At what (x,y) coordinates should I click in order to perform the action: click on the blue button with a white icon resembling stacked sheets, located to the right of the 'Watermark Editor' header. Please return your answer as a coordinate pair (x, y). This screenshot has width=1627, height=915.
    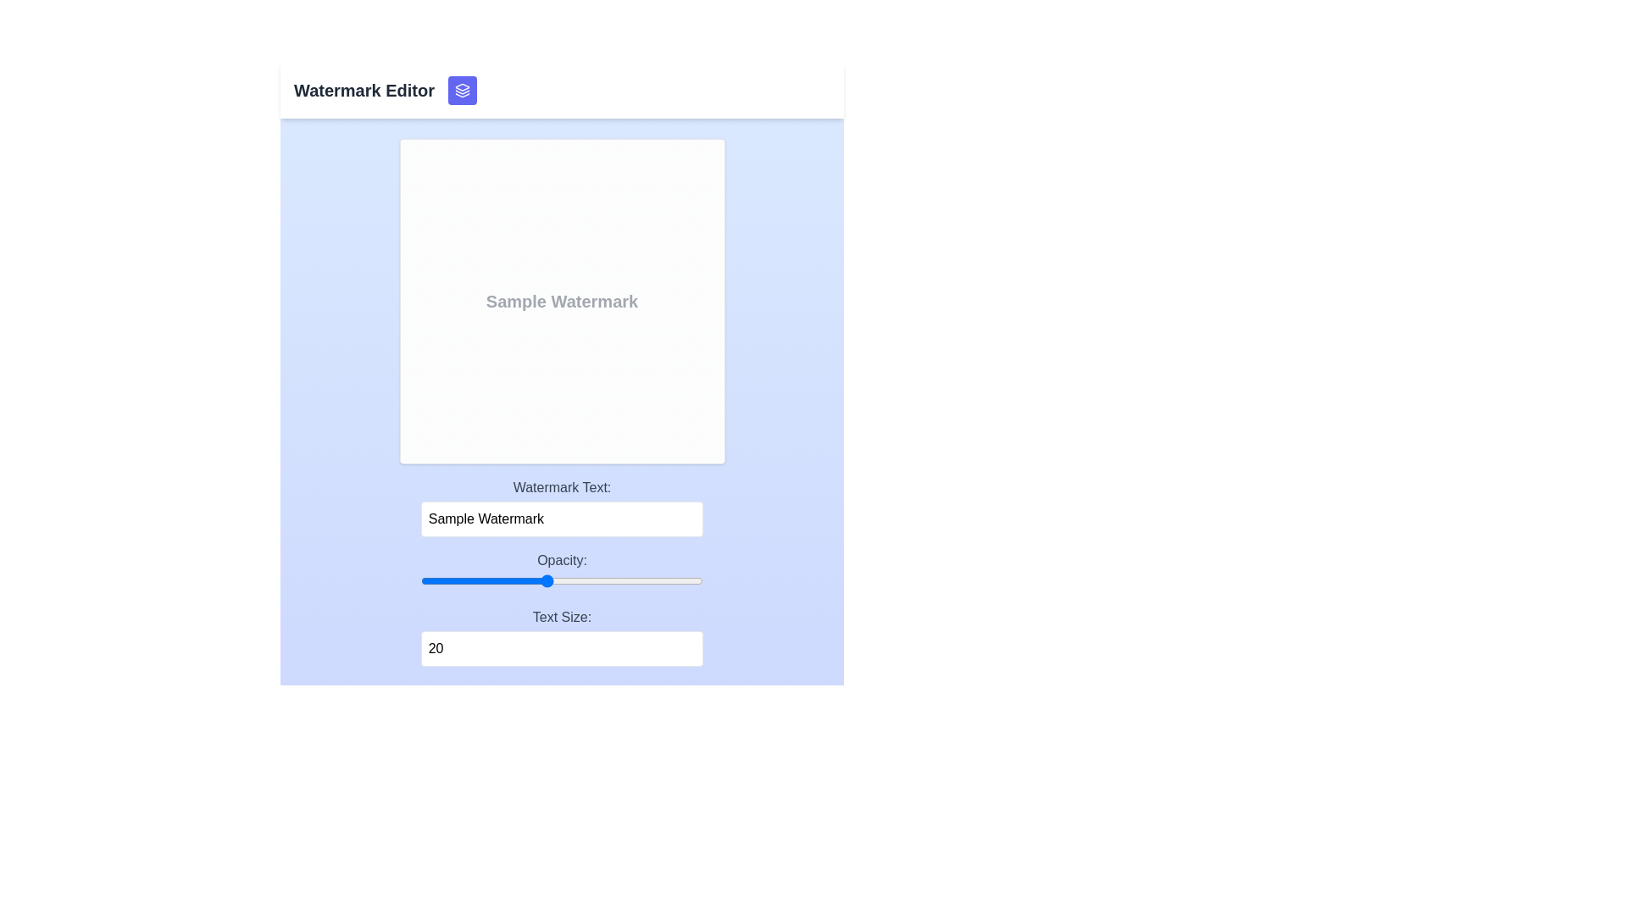
    Looking at the image, I should click on (463, 91).